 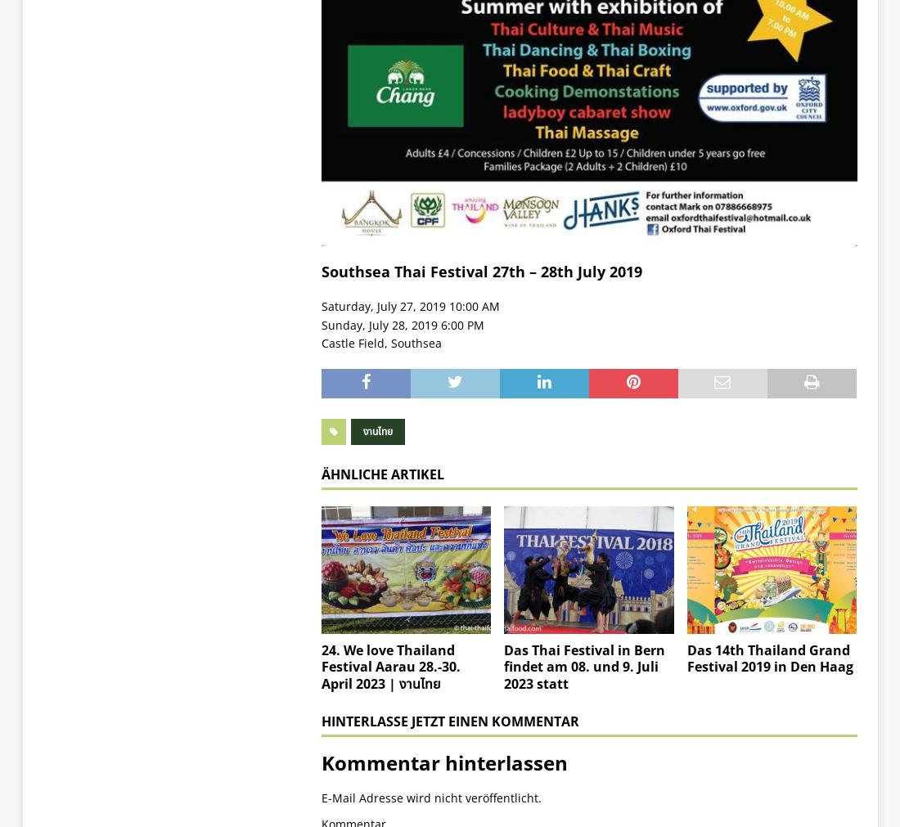 What do you see at coordinates (685, 657) in the screenshot?
I see `'Das 14th Thailand Grand Festival 2019 in Den Haag'` at bounding box center [685, 657].